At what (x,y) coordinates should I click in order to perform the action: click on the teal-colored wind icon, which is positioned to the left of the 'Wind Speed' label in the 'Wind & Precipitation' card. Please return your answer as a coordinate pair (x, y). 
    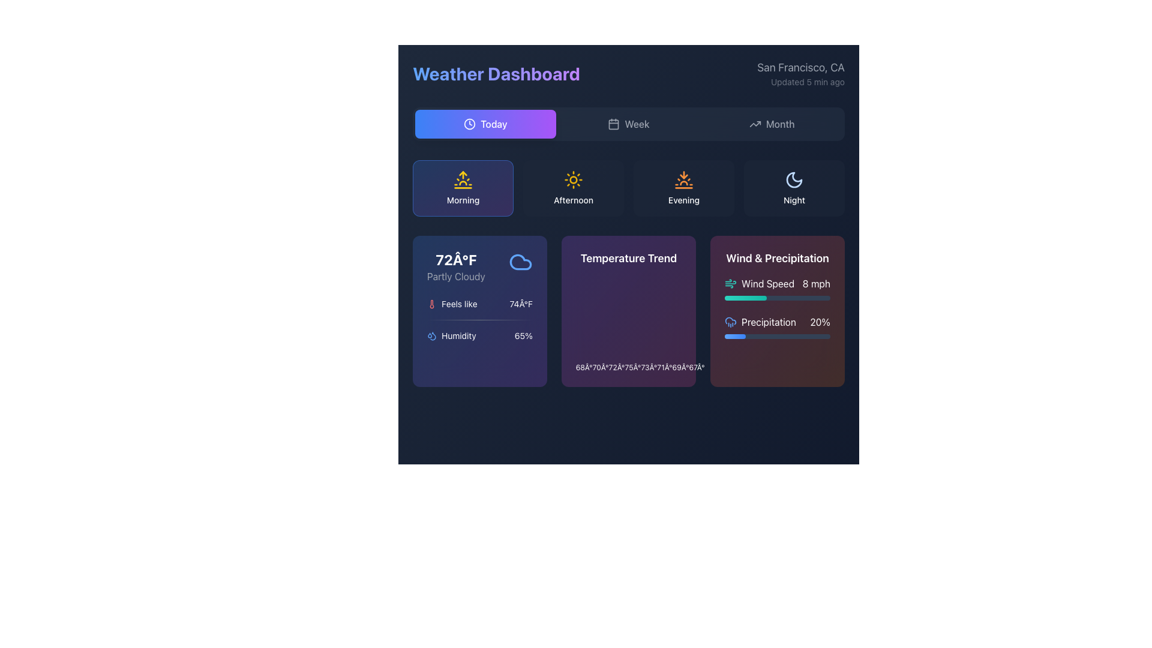
    Looking at the image, I should click on (730, 284).